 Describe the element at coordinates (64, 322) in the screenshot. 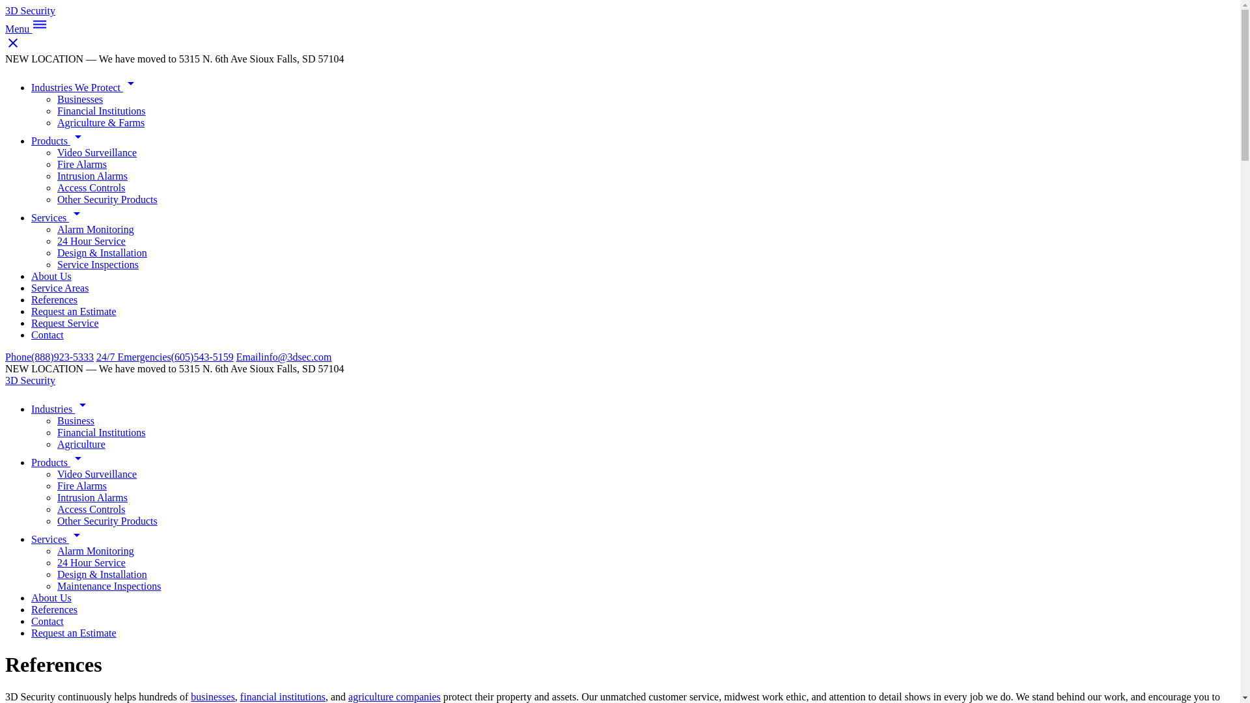

I see `'Request Service'` at that location.